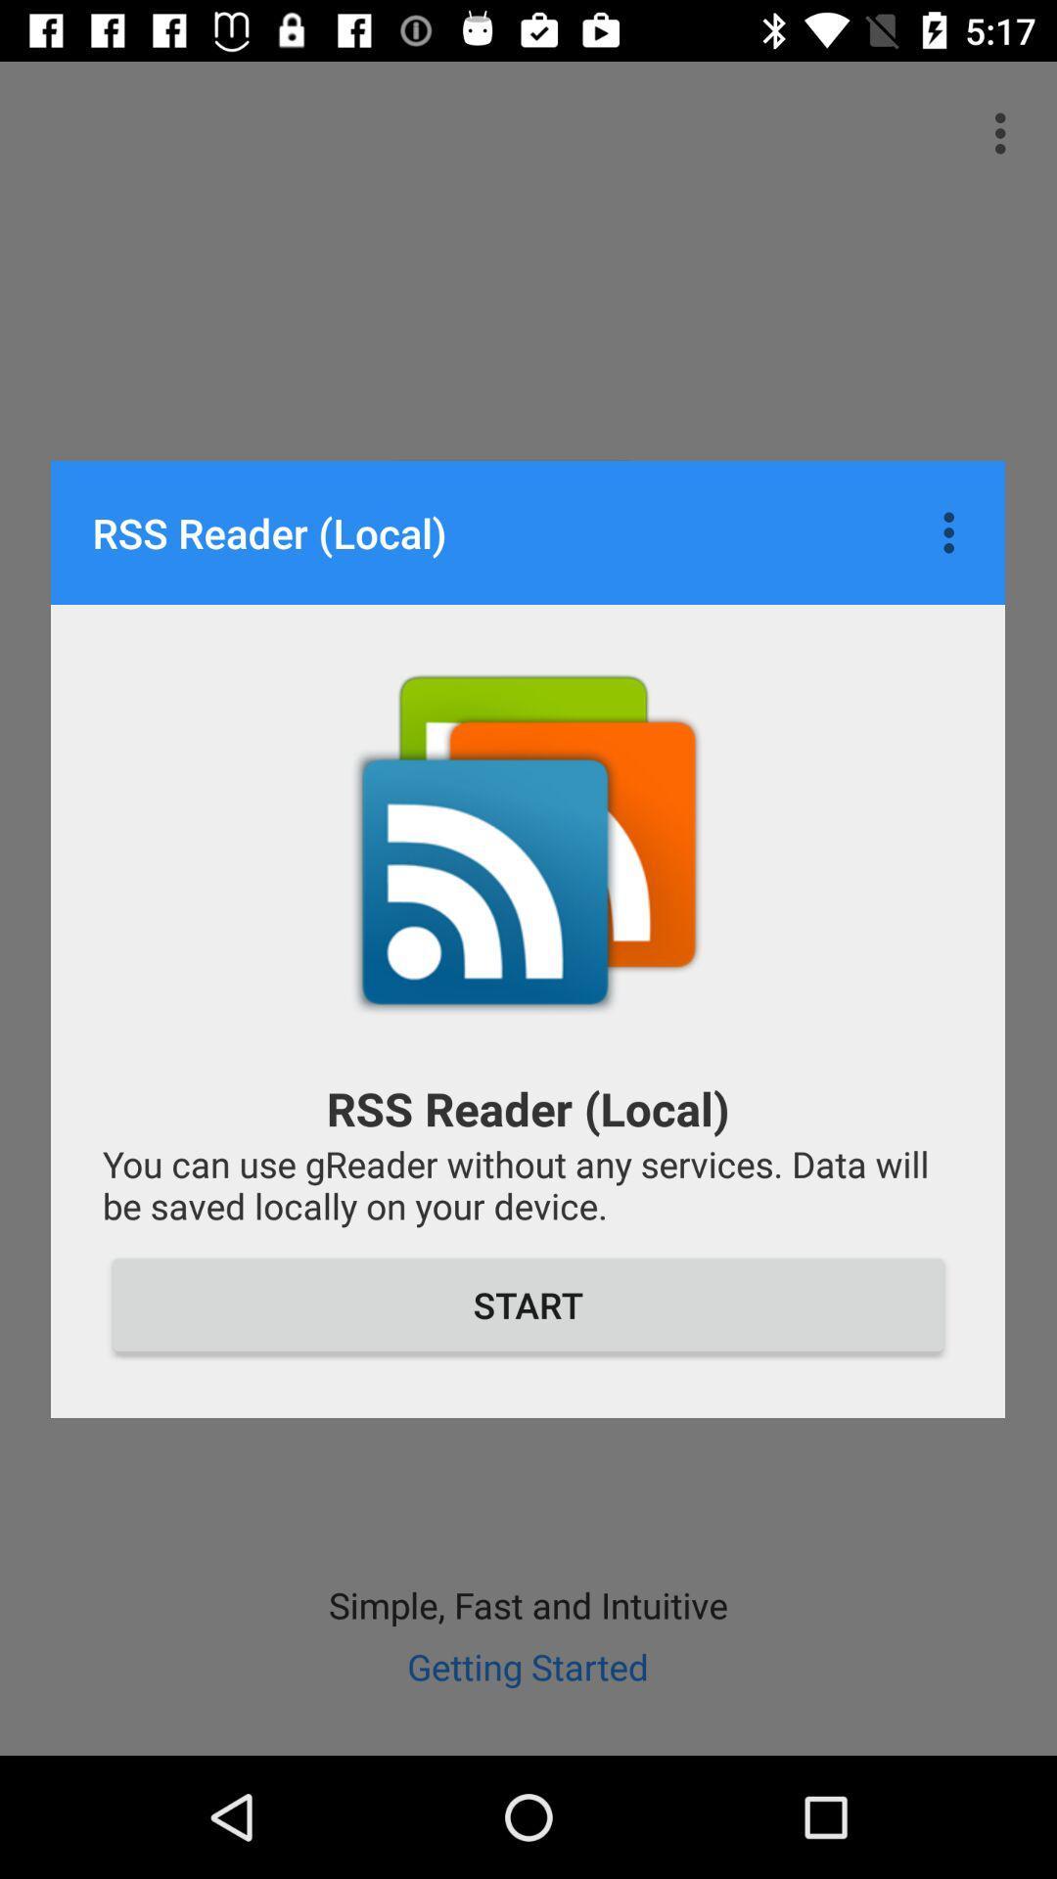 This screenshot has height=1879, width=1057. I want to click on item above you can use item, so click(953, 532).